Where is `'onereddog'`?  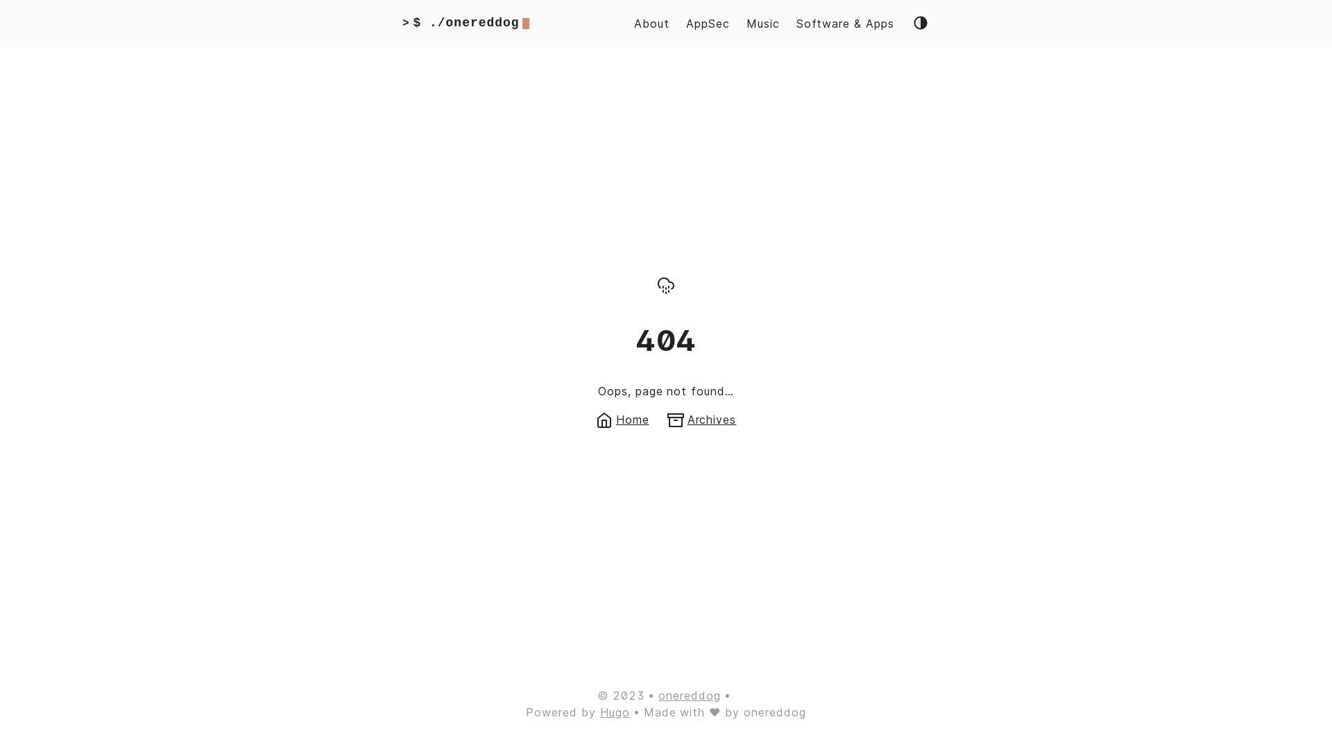 'onereddog' is located at coordinates (689, 695).